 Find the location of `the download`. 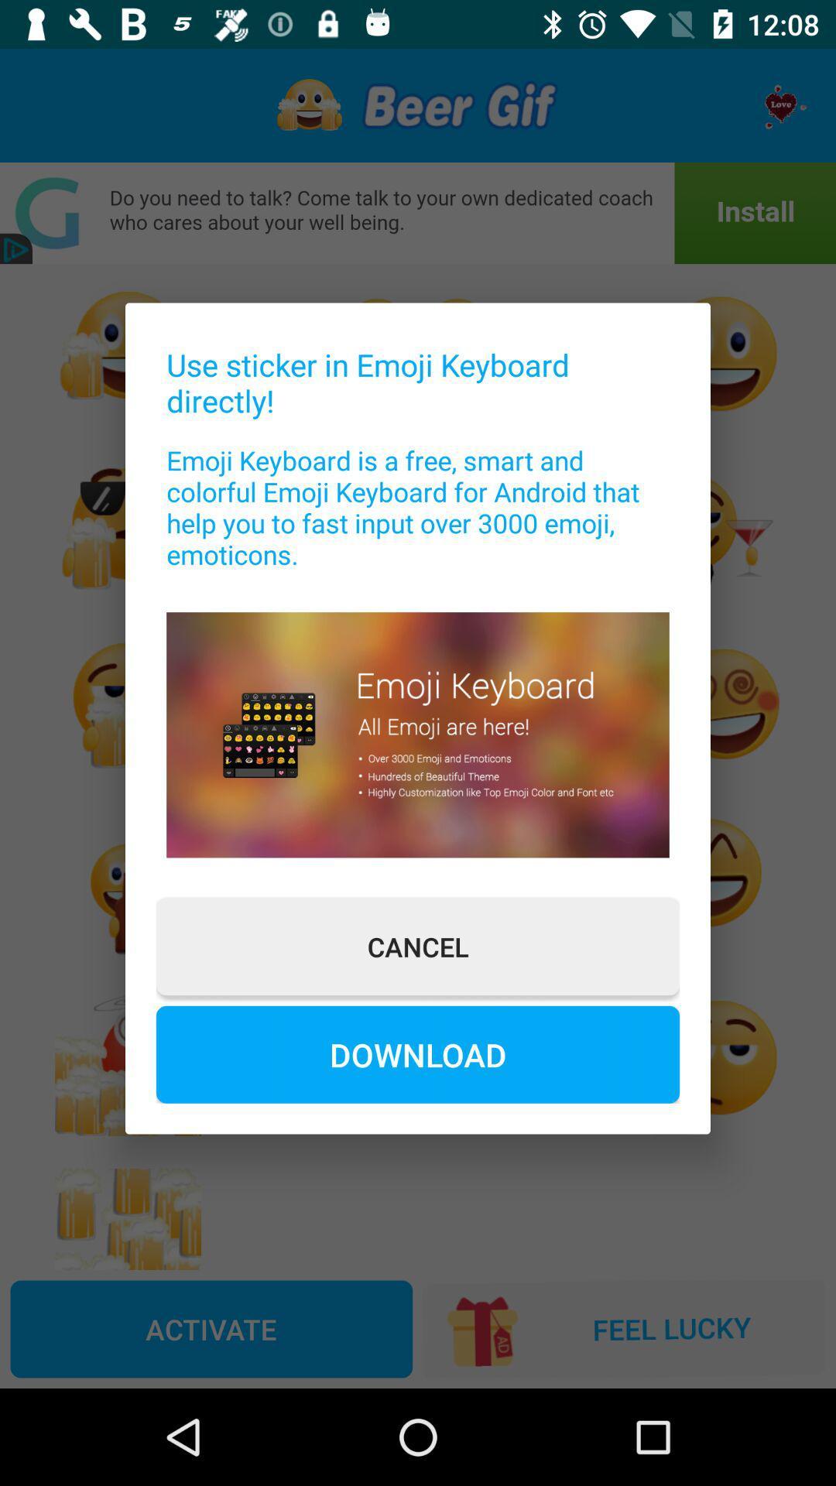

the download is located at coordinates (418, 1053).